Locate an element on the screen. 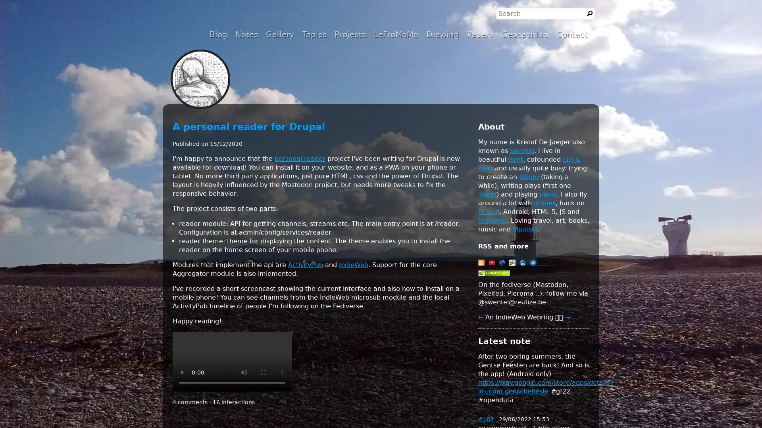 This screenshot has width=762, height=428. enter full screen is located at coordinates (263, 372).